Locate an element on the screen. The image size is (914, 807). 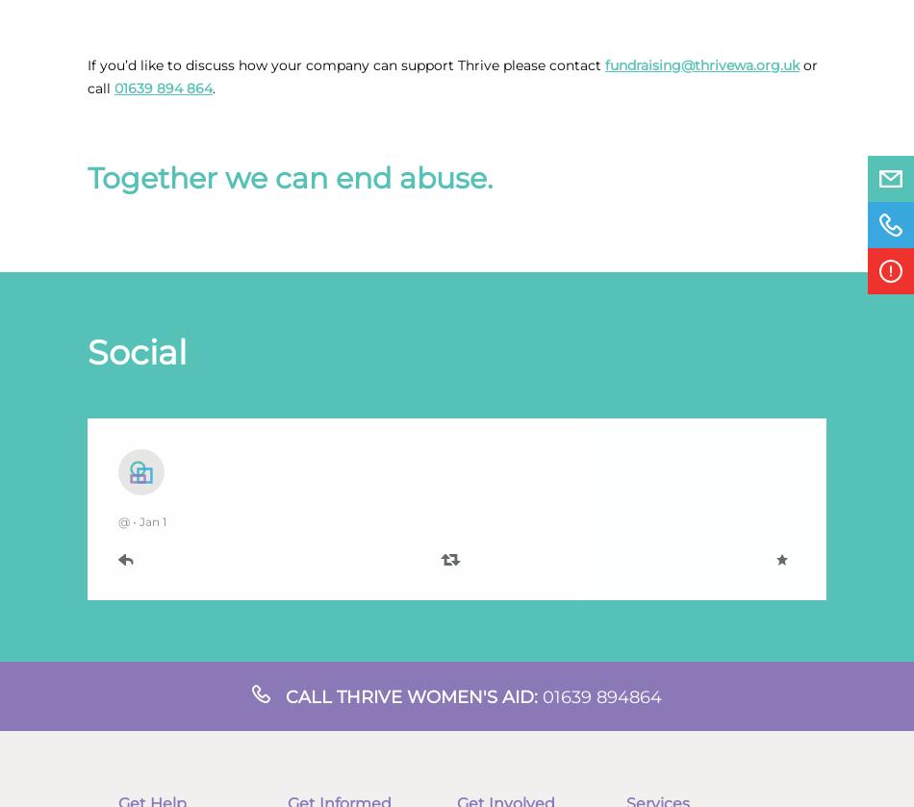
'Social' is located at coordinates (137, 352).